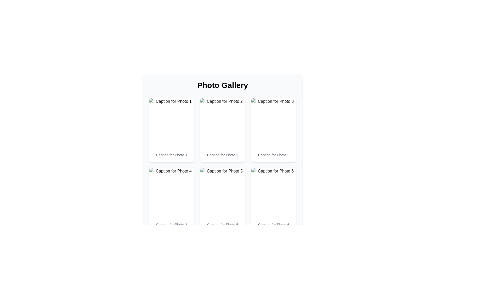 This screenshot has width=500, height=281. I want to click on text label 'Caption for Photo 6' located in the bottom section of the last card in the second row of the grid layout, so click(273, 225).